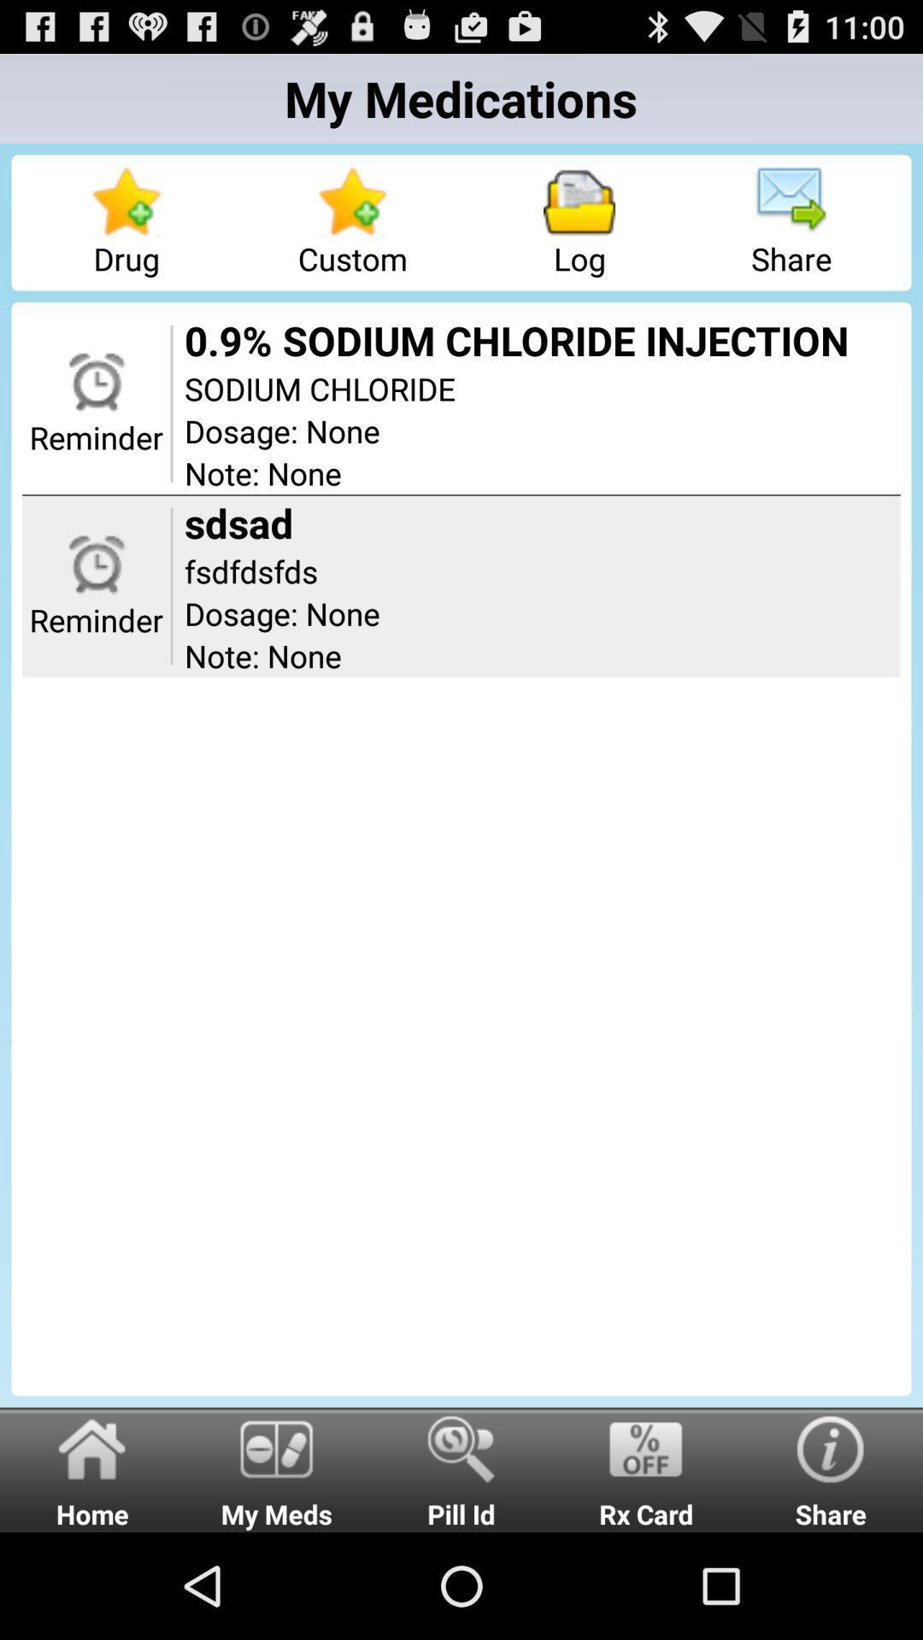  Describe the element at coordinates (461, 1468) in the screenshot. I see `icon at the bottom` at that location.